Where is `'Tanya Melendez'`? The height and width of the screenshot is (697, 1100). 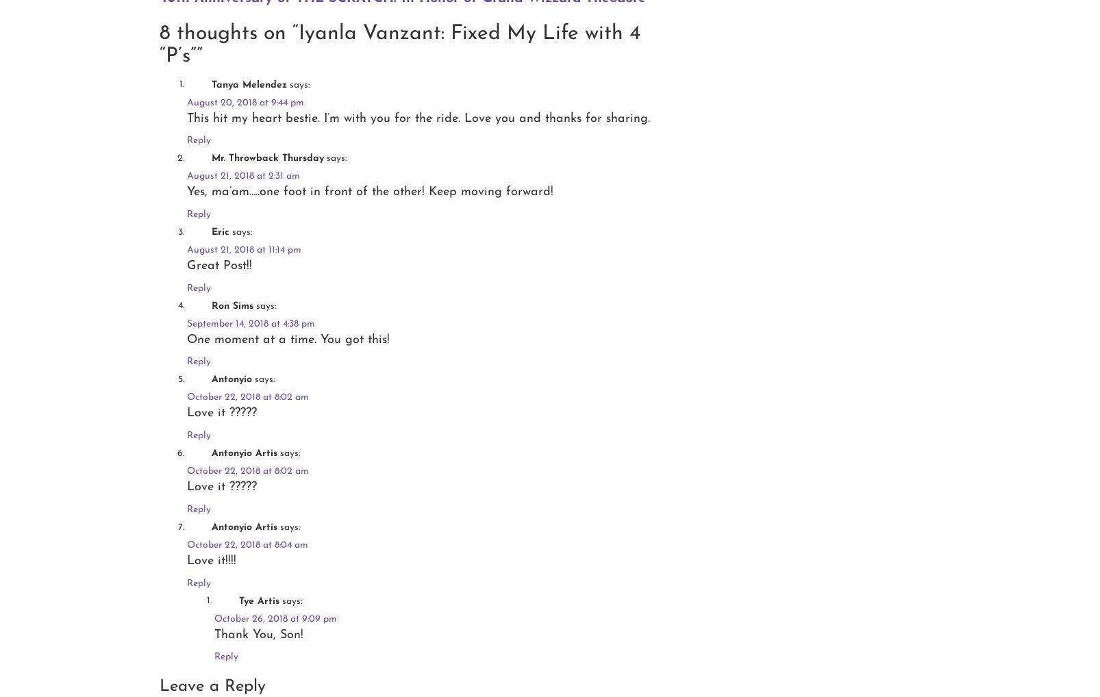
'Tanya Melendez' is located at coordinates (211, 84).